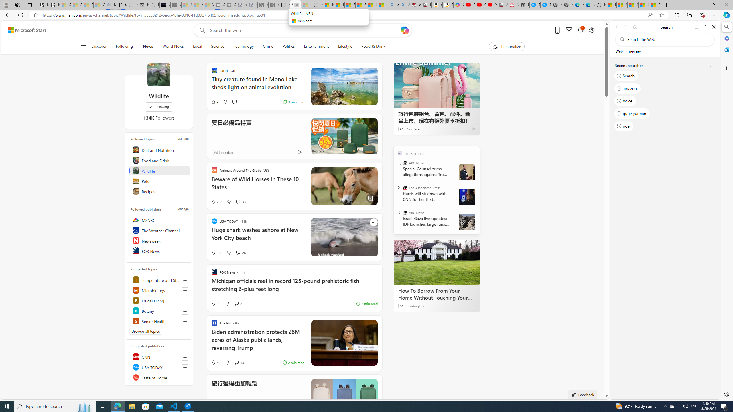 This screenshot has width=733, height=412. What do you see at coordinates (173, 46) in the screenshot?
I see `'World News'` at bounding box center [173, 46].